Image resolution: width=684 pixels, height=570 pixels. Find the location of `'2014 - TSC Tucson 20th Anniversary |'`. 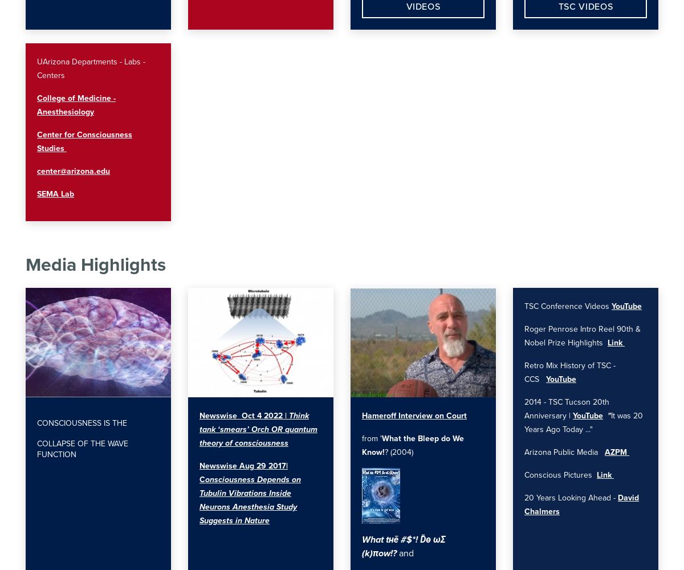

'2014 - TSC Tucson 20th Anniversary |' is located at coordinates (524, 408).